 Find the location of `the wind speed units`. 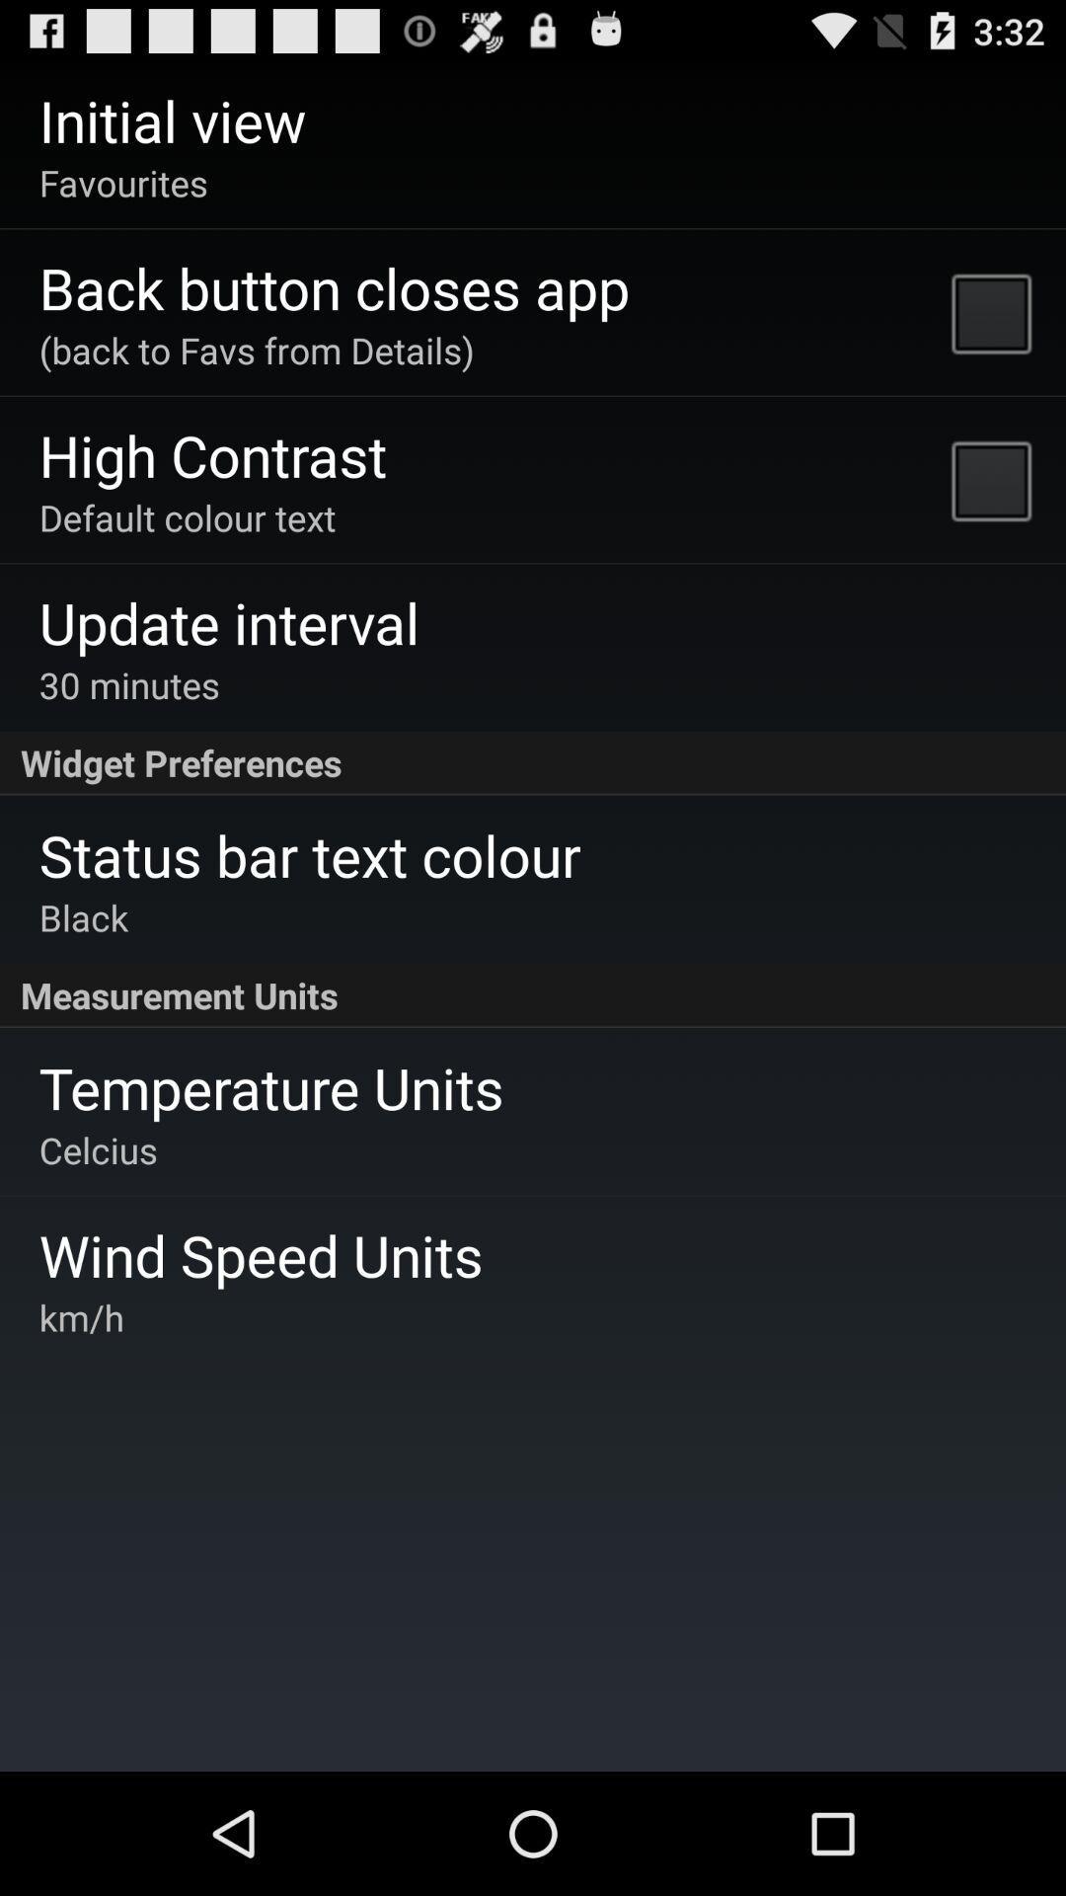

the wind speed units is located at coordinates (260, 1253).